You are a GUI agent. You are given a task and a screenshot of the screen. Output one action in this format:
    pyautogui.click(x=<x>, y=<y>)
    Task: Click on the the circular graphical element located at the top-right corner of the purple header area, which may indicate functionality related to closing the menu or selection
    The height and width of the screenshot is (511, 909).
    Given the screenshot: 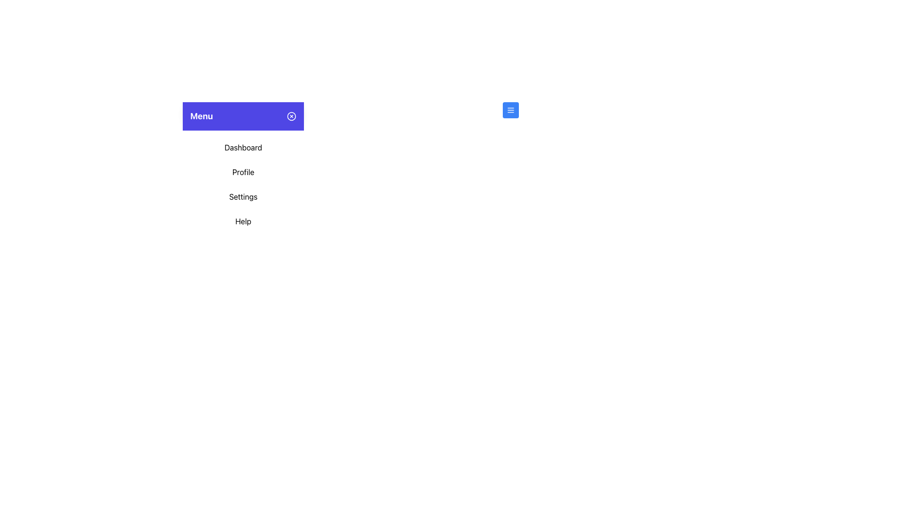 What is the action you would take?
    pyautogui.click(x=291, y=116)
    